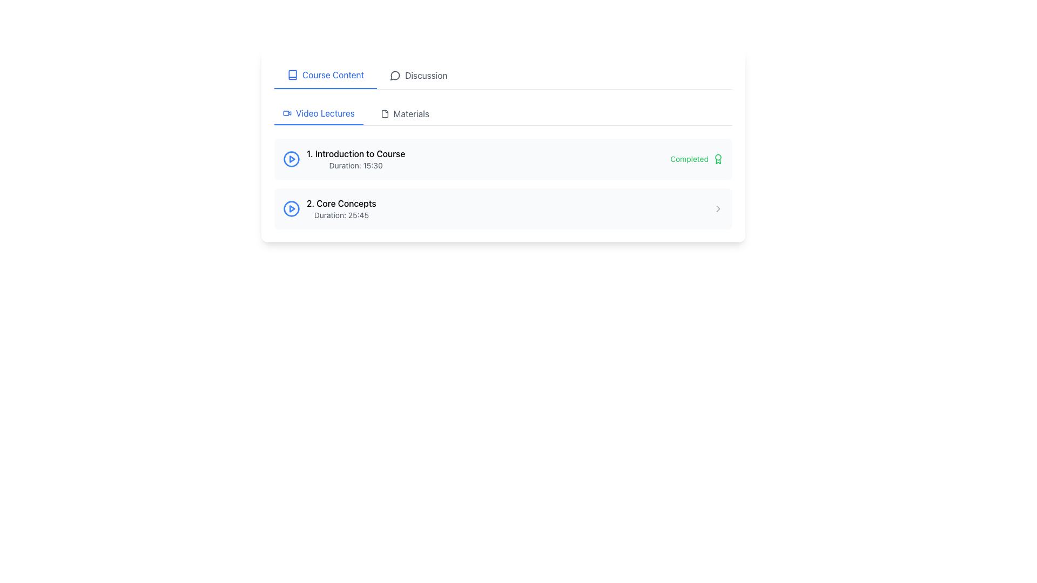  What do you see at coordinates (291, 208) in the screenshot?
I see `the play button located to the immediate left of the text '2. Core Concepts'` at bounding box center [291, 208].